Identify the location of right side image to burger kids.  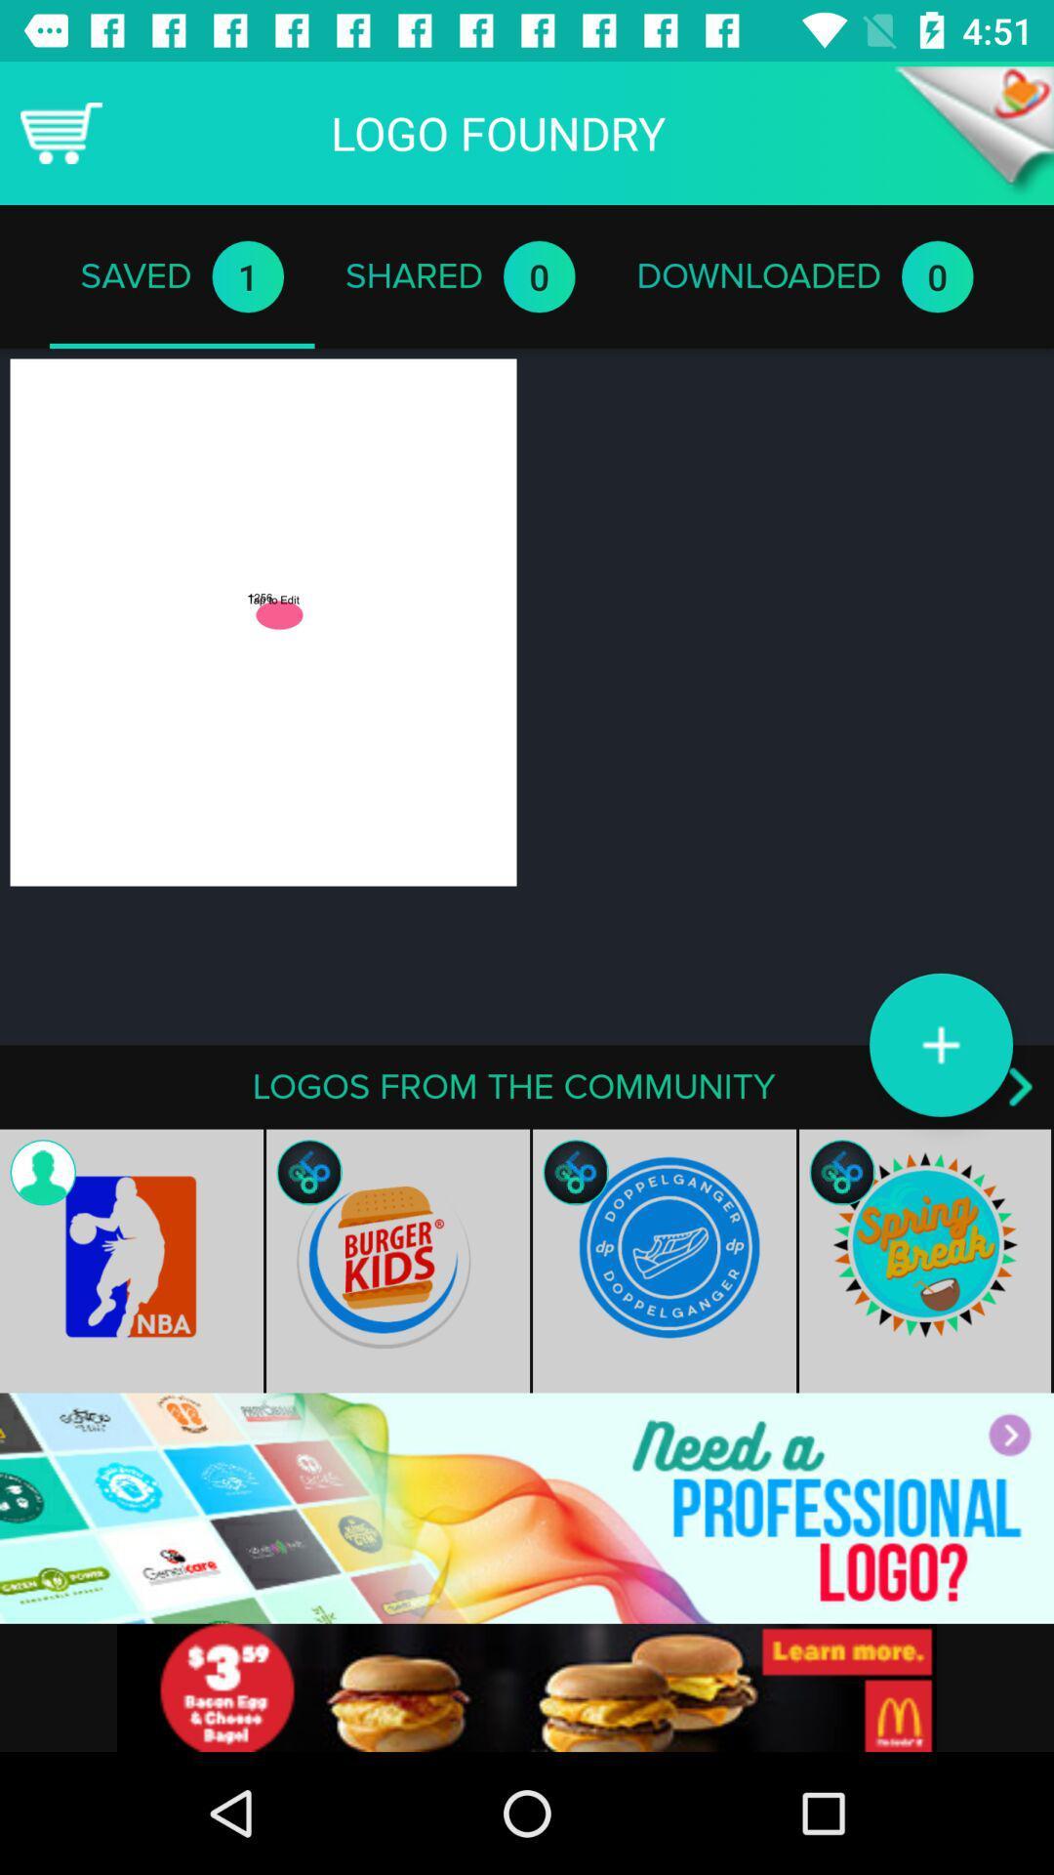
(664, 1261).